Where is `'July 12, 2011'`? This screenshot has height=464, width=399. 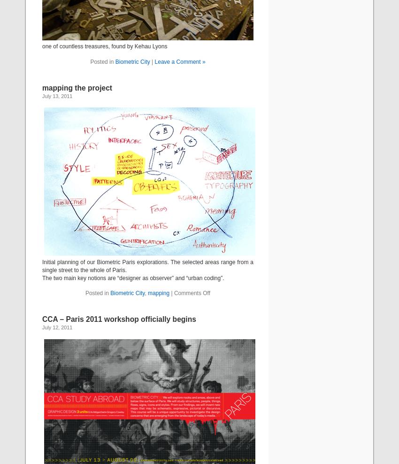
'July 12, 2011' is located at coordinates (56, 327).